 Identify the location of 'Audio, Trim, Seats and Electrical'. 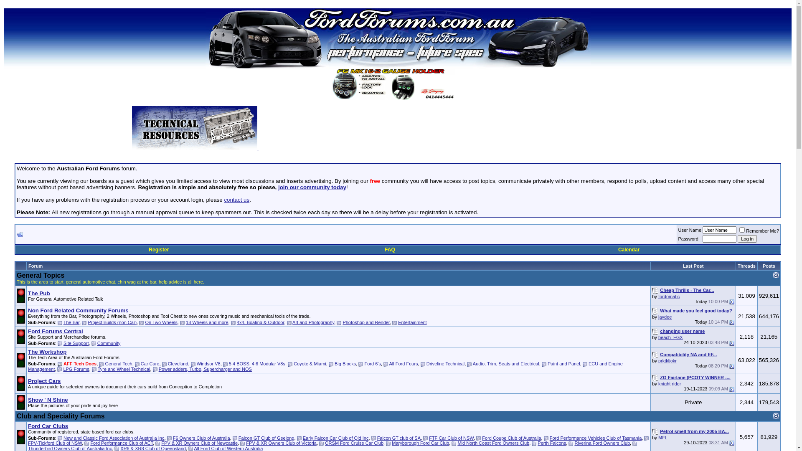
(505, 363).